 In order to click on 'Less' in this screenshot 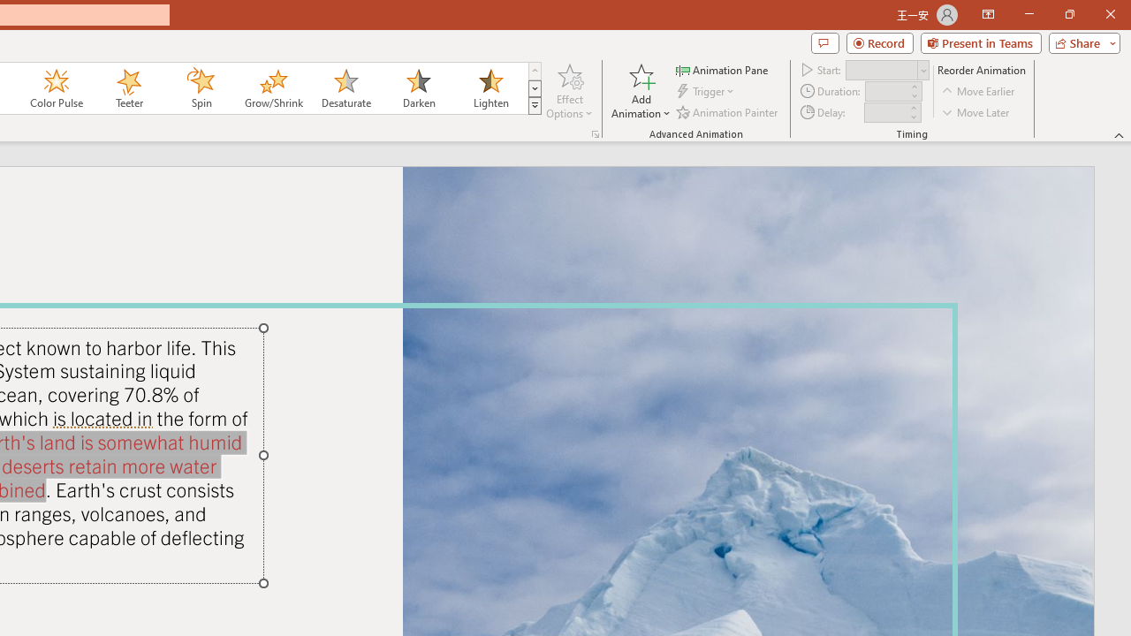, I will do `click(913, 117)`.